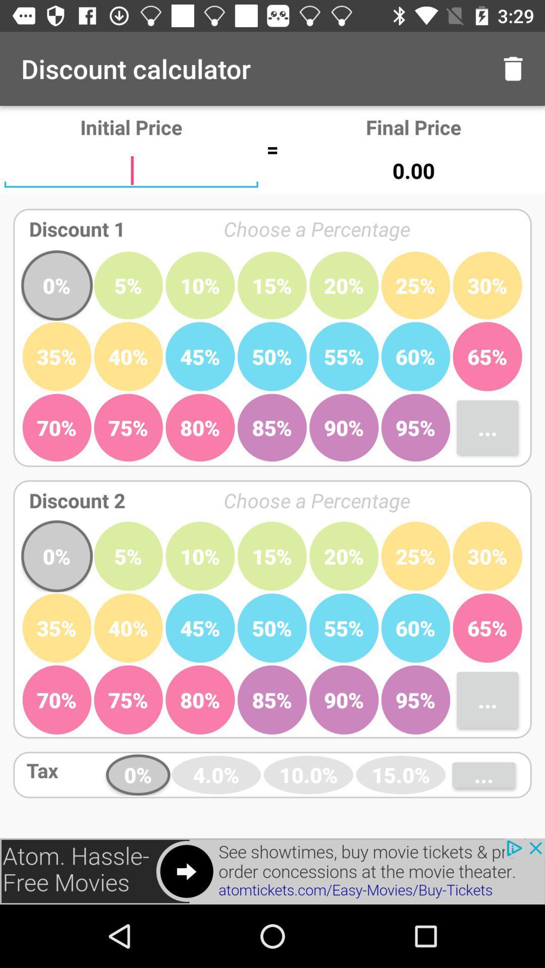 The image size is (545, 968). I want to click on click advertisements, so click(272, 871).